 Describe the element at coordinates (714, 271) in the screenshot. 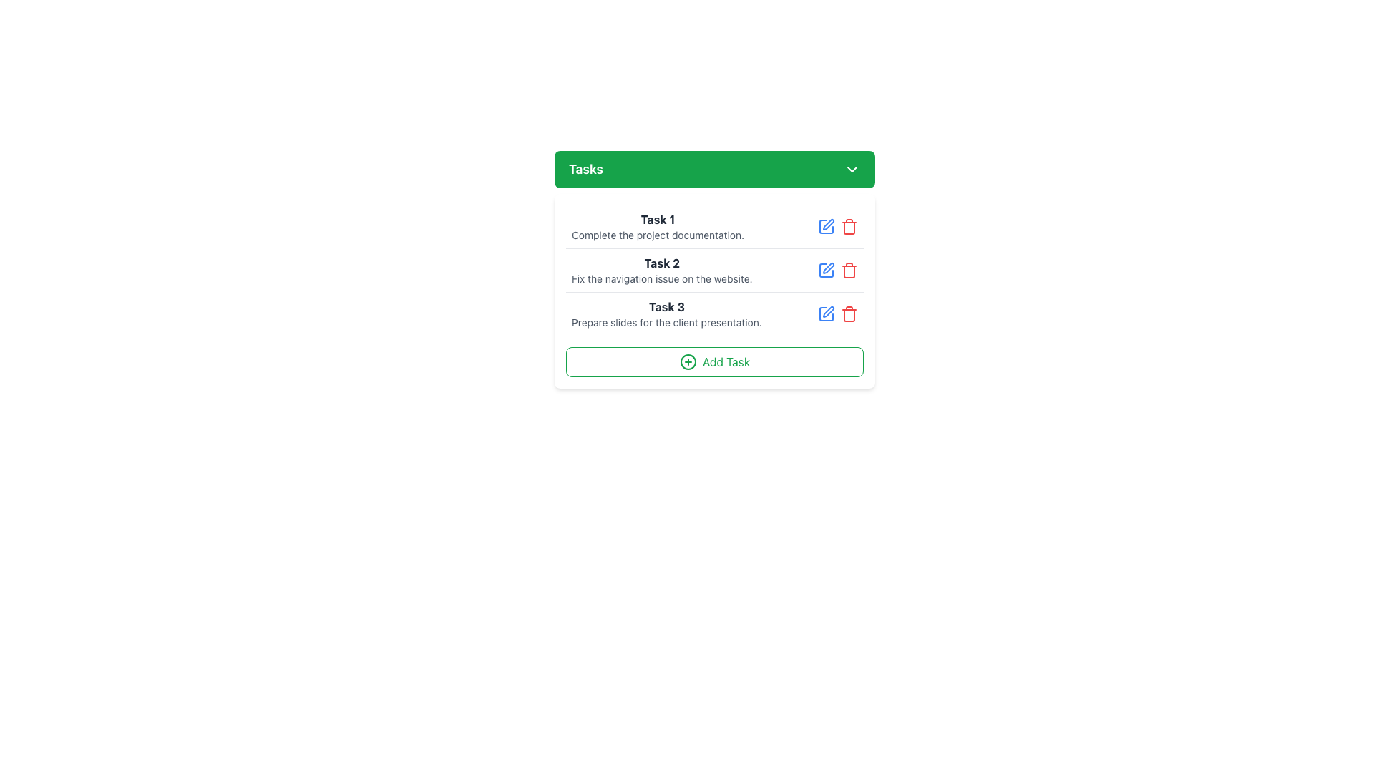

I see `the static text content of 'Task 2' within the styled card component that includes three lines of task descriptions, positioned centrally in the card, below 'Task 1' and above 'Task 3'` at that location.